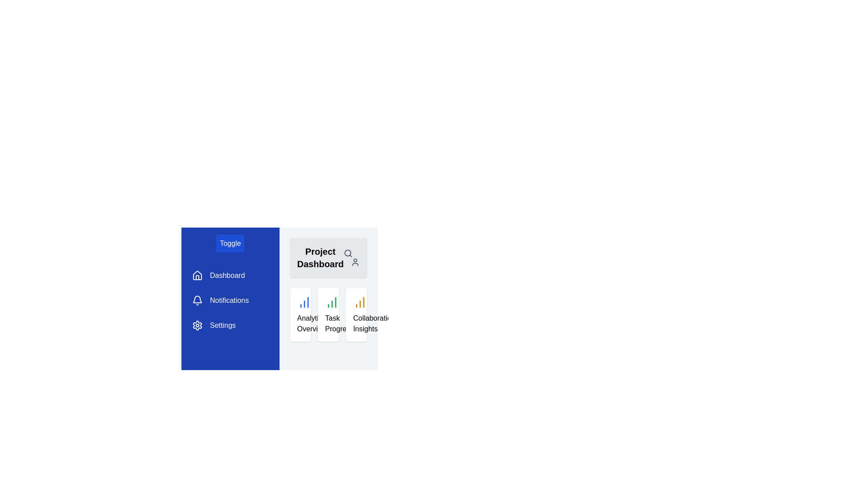  Describe the element at coordinates (332, 302) in the screenshot. I see `the small green icon featuring a vertically oriented bar chart with three bars of varying heights, located centrally within the 'Task Progress' card under the 'Project Dashboard' heading` at that location.